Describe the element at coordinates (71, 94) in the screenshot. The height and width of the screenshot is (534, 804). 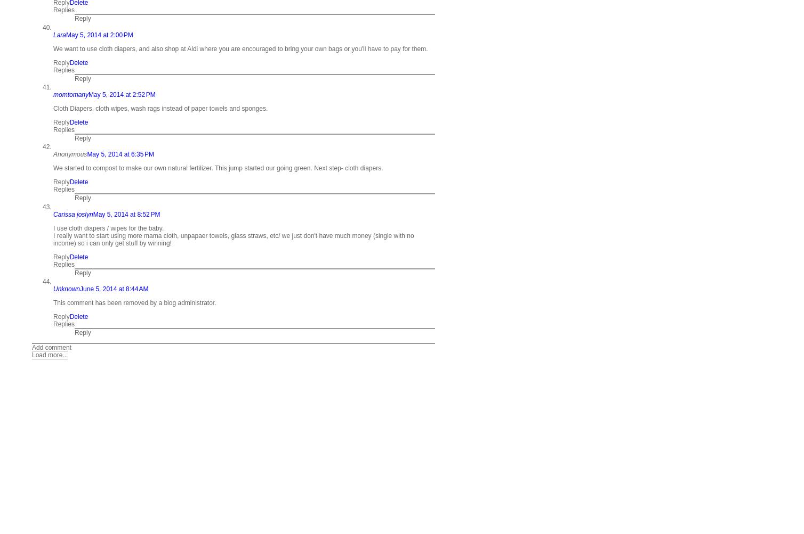
I see `'momtomany'` at that location.